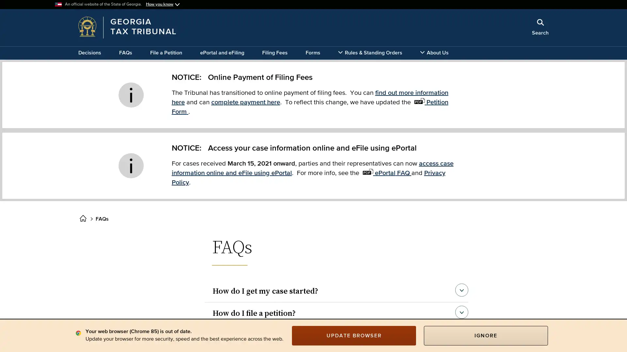 The width and height of the screenshot is (627, 352). I want to click on IGNORE, so click(486, 335).